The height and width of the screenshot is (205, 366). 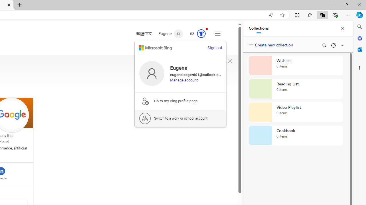 I want to click on 'More options menu', so click(x=342, y=45).